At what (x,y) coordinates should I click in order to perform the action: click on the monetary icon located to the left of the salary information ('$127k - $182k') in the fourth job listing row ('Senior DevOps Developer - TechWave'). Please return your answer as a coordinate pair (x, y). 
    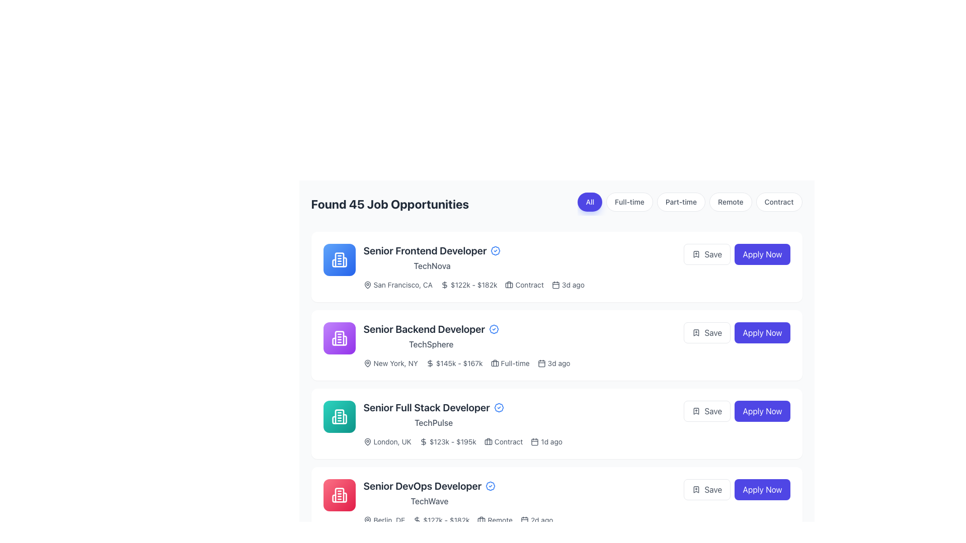
    Looking at the image, I should click on (417, 520).